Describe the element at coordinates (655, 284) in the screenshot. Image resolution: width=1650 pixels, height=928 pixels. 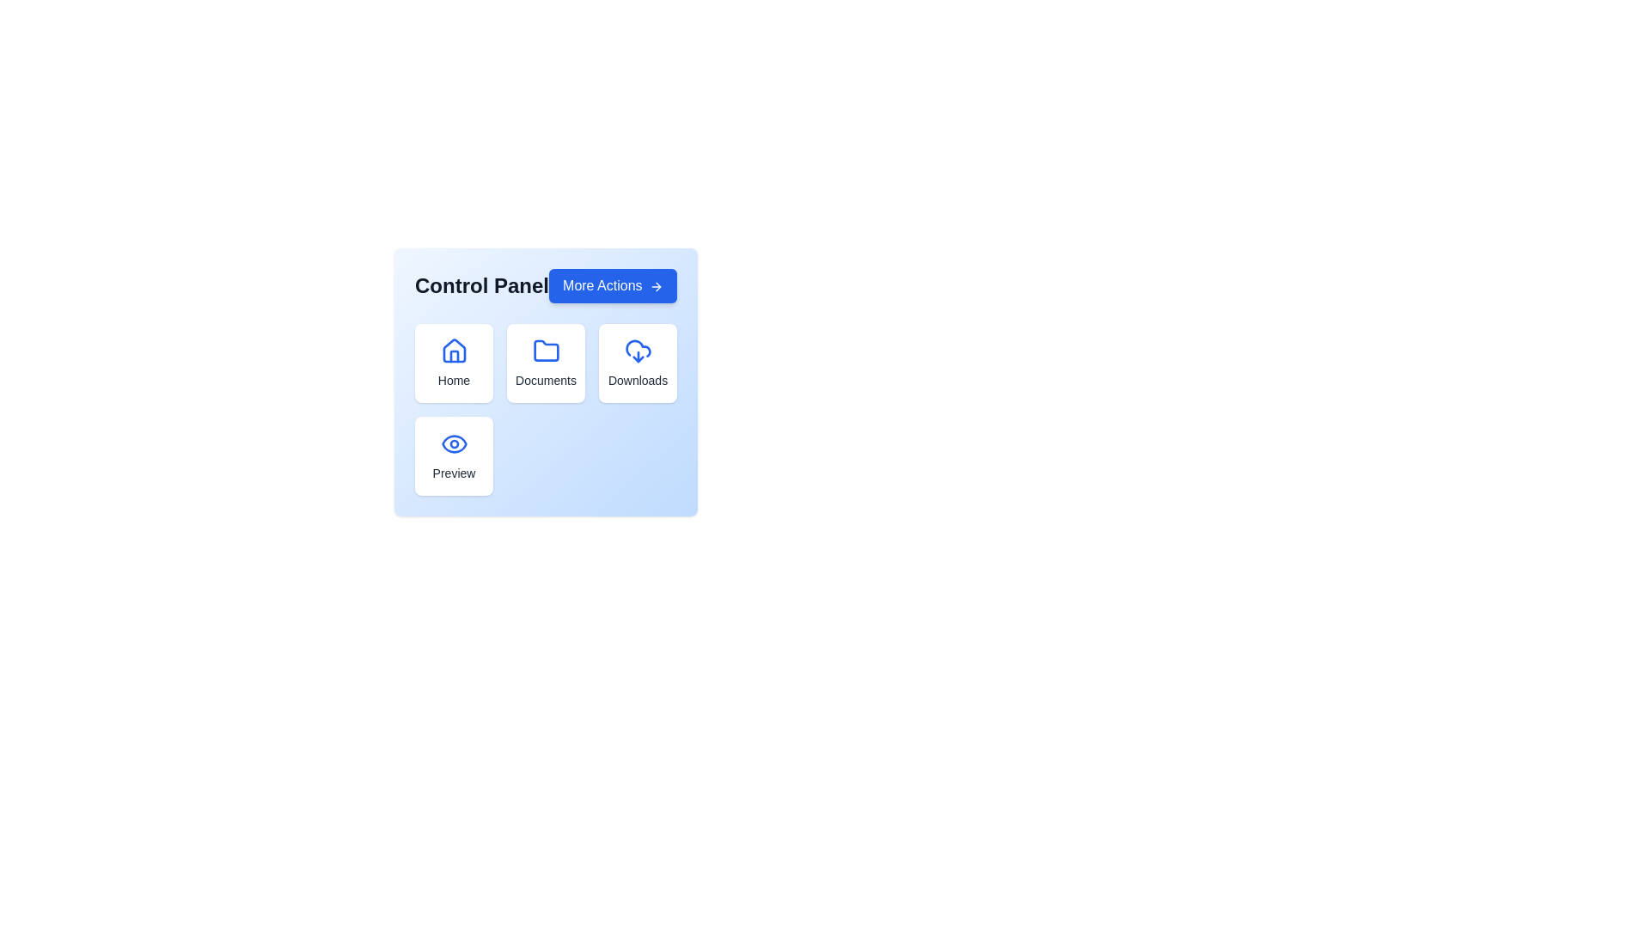
I see `the icon located at the far right end of the 'More Actions' button, which indicates it triggers an action like opening a submenu or performing navigation` at that location.